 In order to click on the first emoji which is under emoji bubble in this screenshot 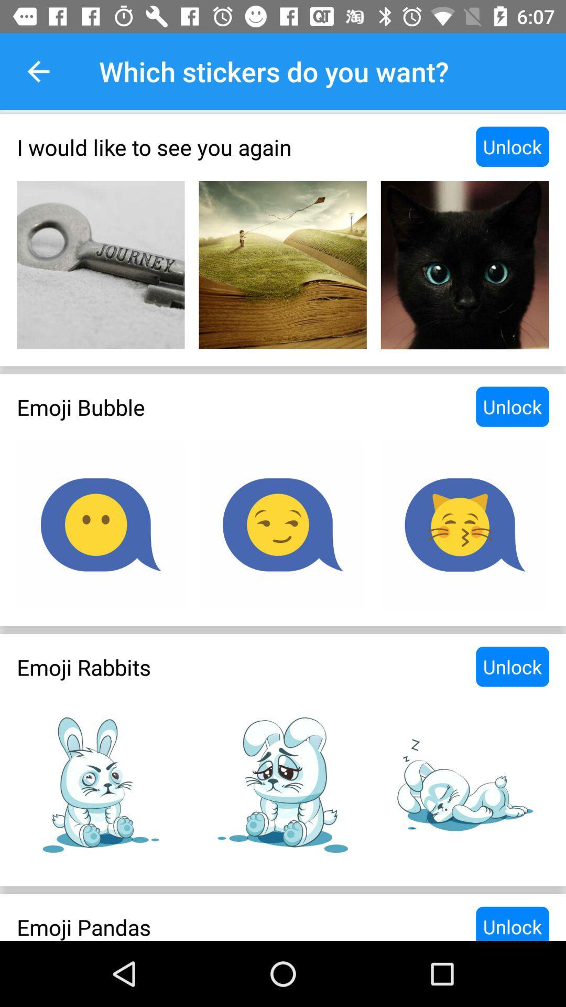, I will do `click(101, 525)`.